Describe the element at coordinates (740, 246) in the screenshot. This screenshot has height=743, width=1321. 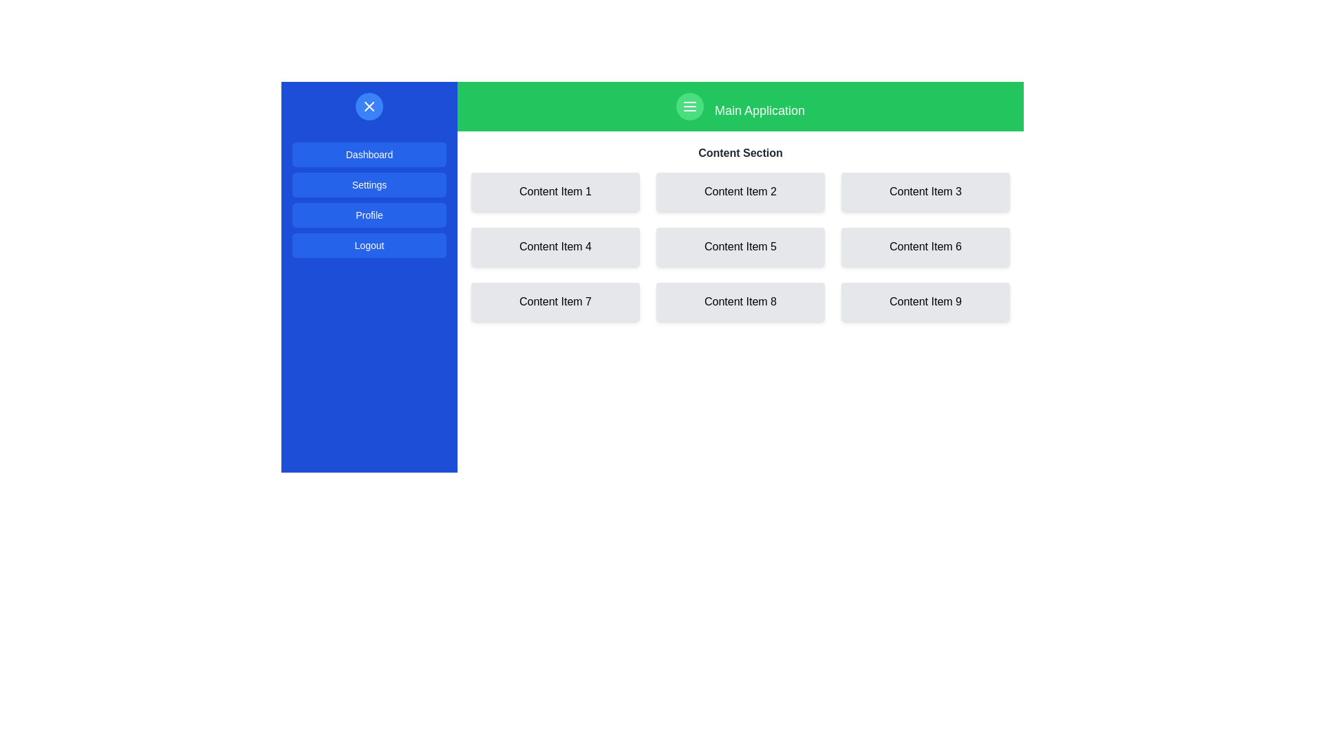
I see `the Static content box labeled 'Content Item 5' which has a light gray background and rounded corners` at that location.